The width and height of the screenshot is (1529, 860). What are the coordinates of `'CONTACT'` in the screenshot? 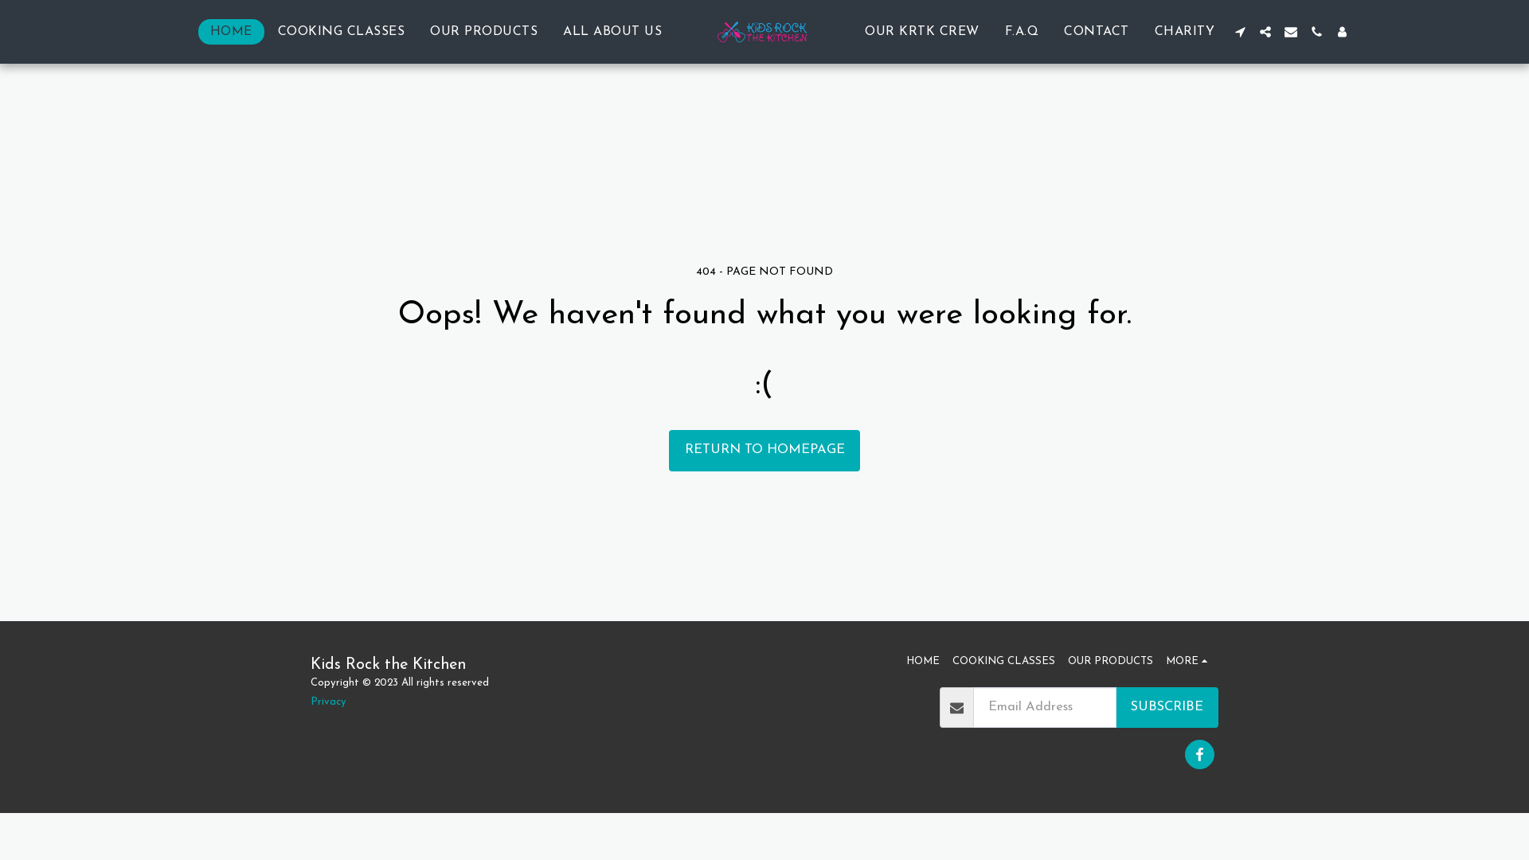 It's located at (1096, 31).